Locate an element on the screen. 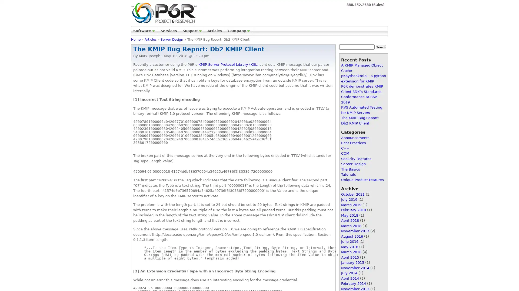 The width and height of the screenshot is (519, 291). Search is located at coordinates (381, 47).